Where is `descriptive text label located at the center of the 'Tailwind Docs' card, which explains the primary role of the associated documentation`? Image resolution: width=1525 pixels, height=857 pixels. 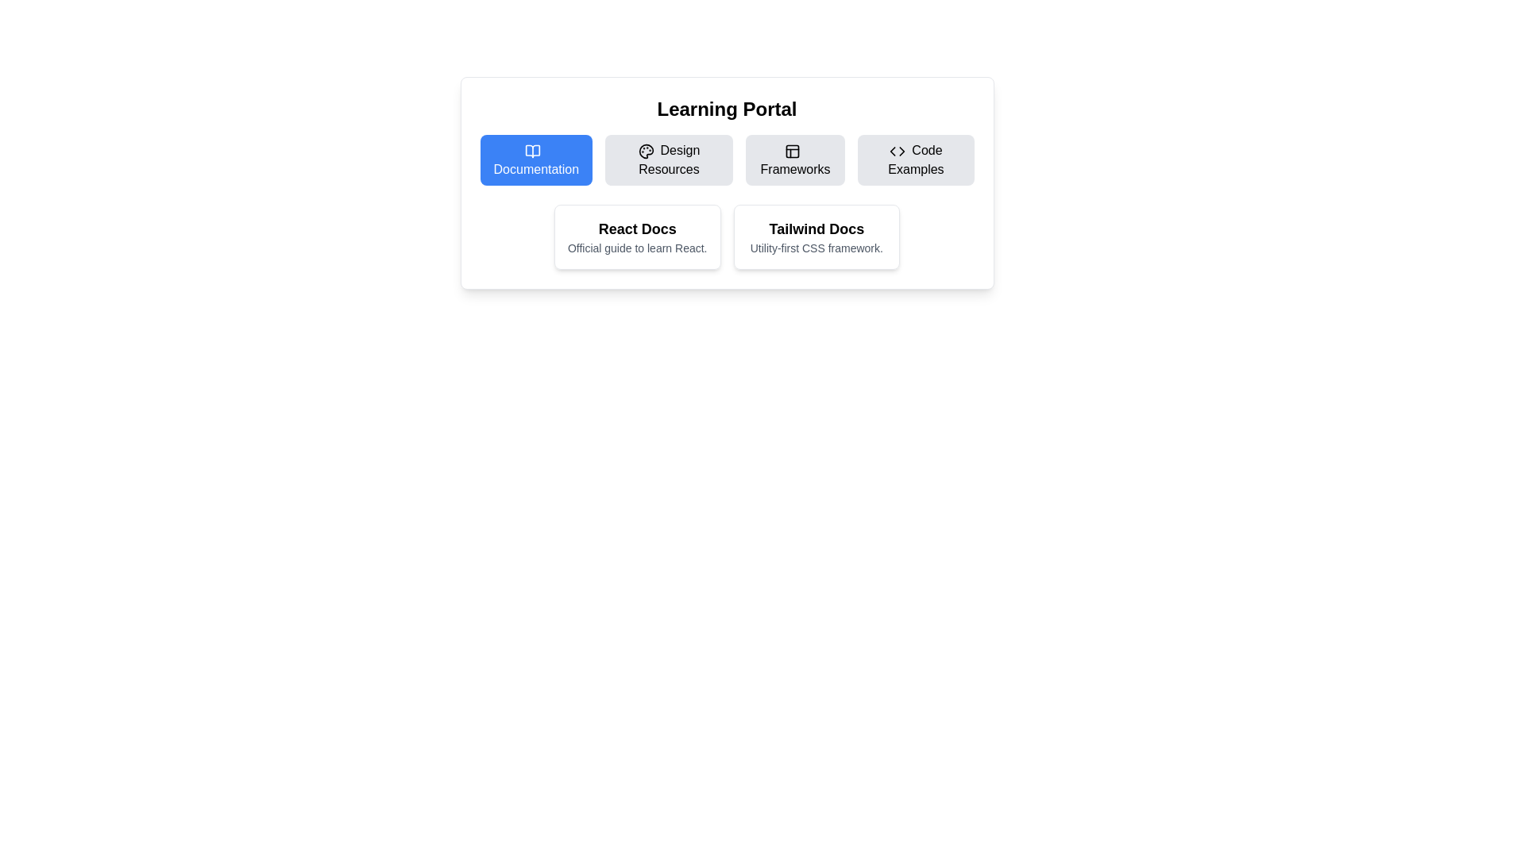 descriptive text label located at the center of the 'Tailwind Docs' card, which explains the primary role of the associated documentation is located at coordinates (817, 248).